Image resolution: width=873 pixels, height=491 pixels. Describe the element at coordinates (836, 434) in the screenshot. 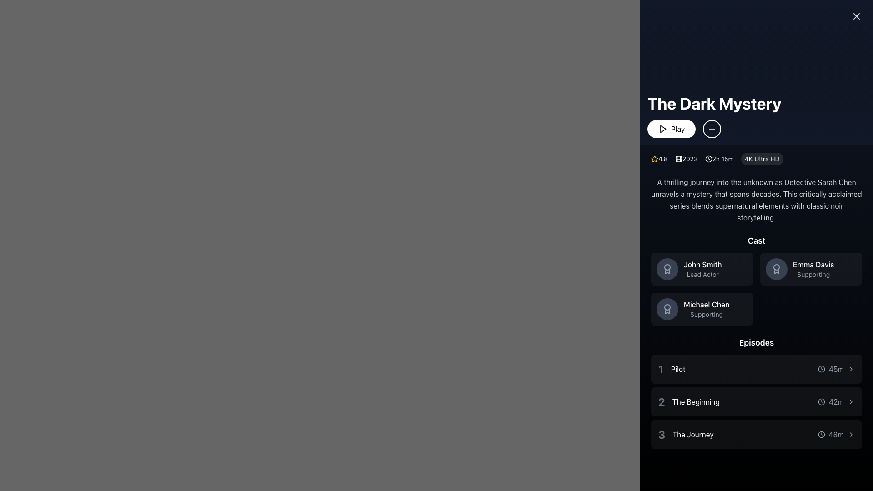

I see `the label with icon indicating the duration of the episode located next to the text 'The Journey' in the third episode under the 'Episodes' section` at that location.